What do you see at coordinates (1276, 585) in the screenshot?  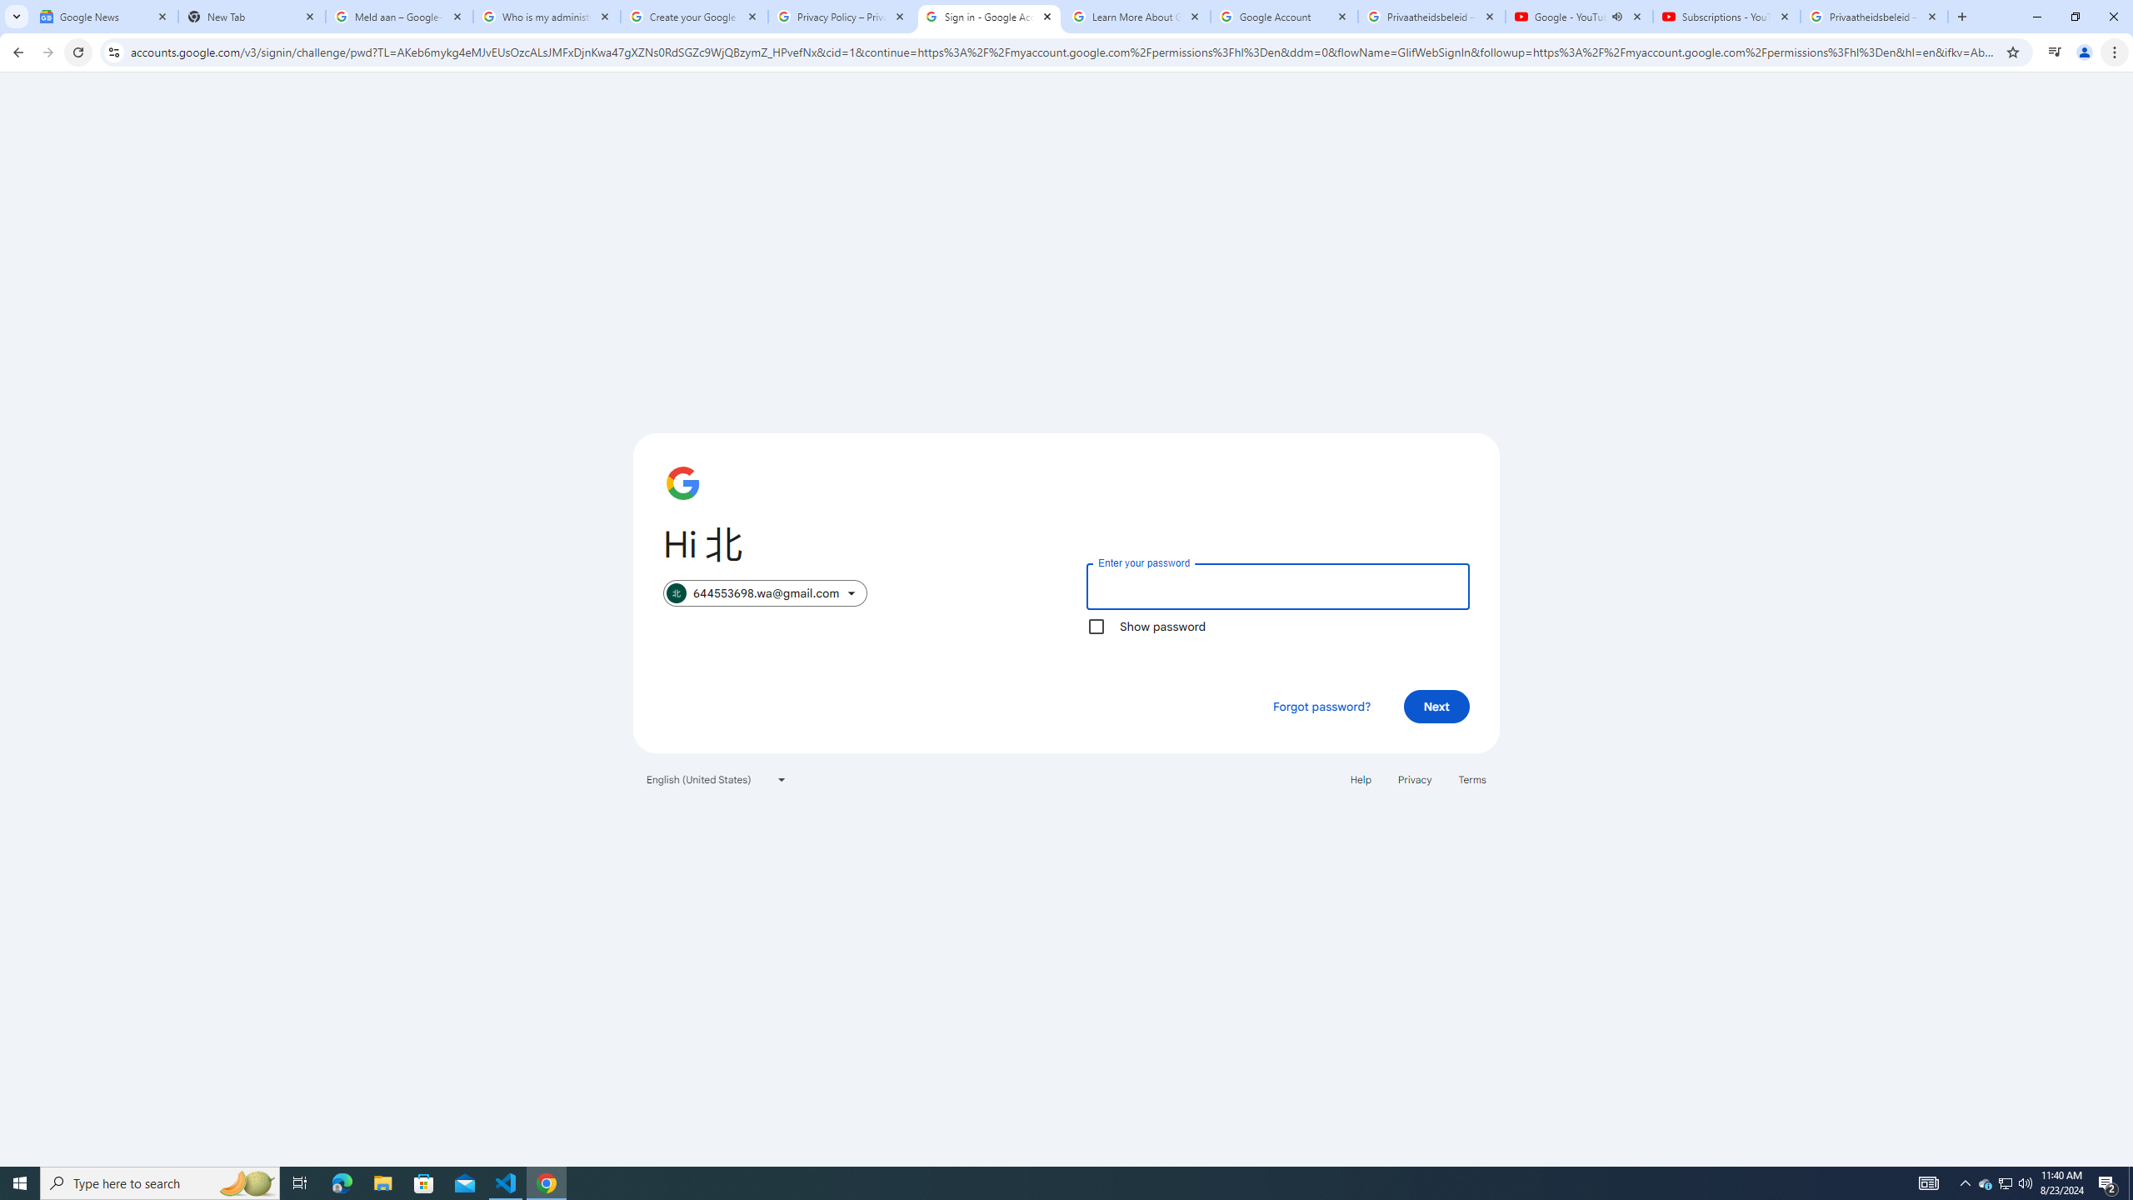 I see `'Enter your password'` at bounding box center [1276, 585].